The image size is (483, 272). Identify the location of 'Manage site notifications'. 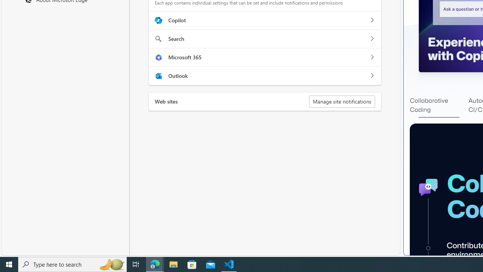
(341, 101).